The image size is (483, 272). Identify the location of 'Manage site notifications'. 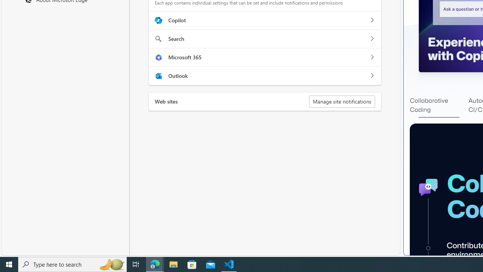
(341, 101).